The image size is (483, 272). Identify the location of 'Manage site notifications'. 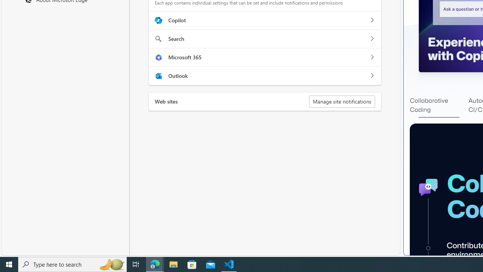
(341, 101).